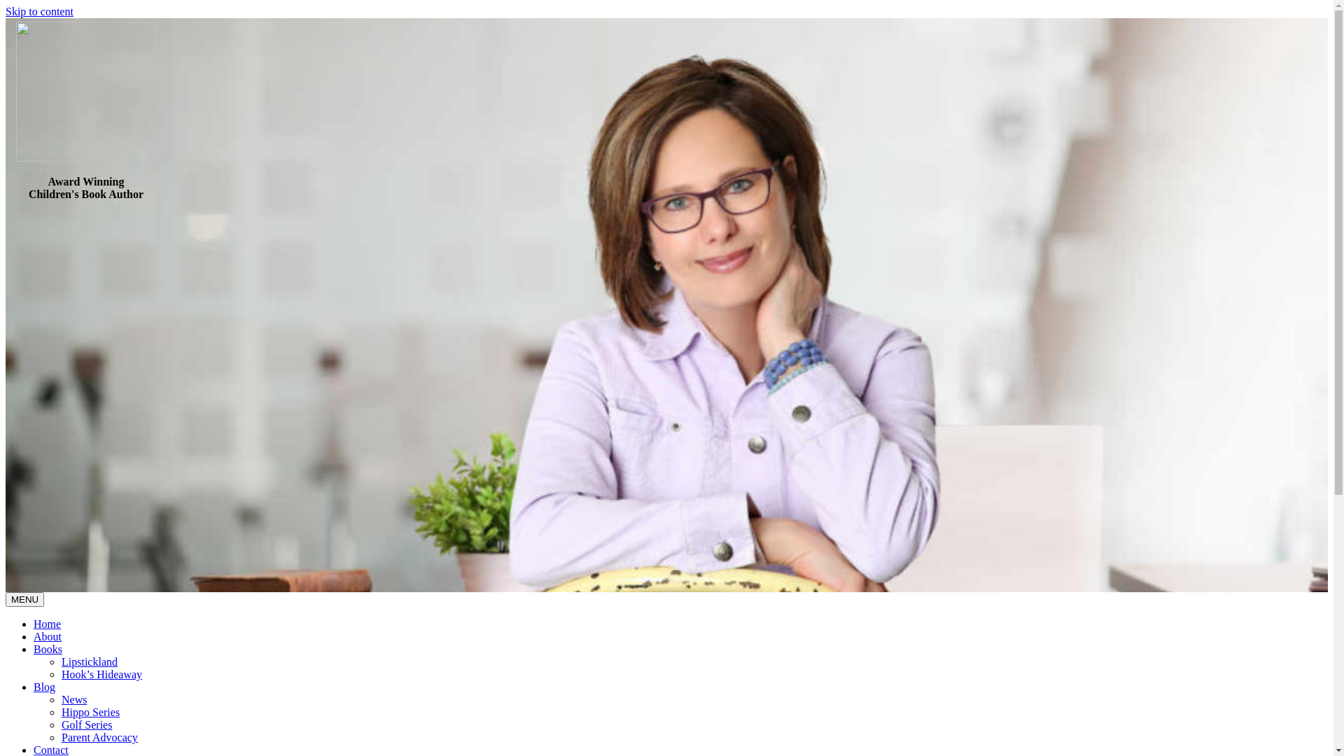 Image resolution: width=1344 pixels, height=756 pixels. Describe the element at coordinates (60, 661) in the screenshot. I see `'Lipstickland'` at that location.